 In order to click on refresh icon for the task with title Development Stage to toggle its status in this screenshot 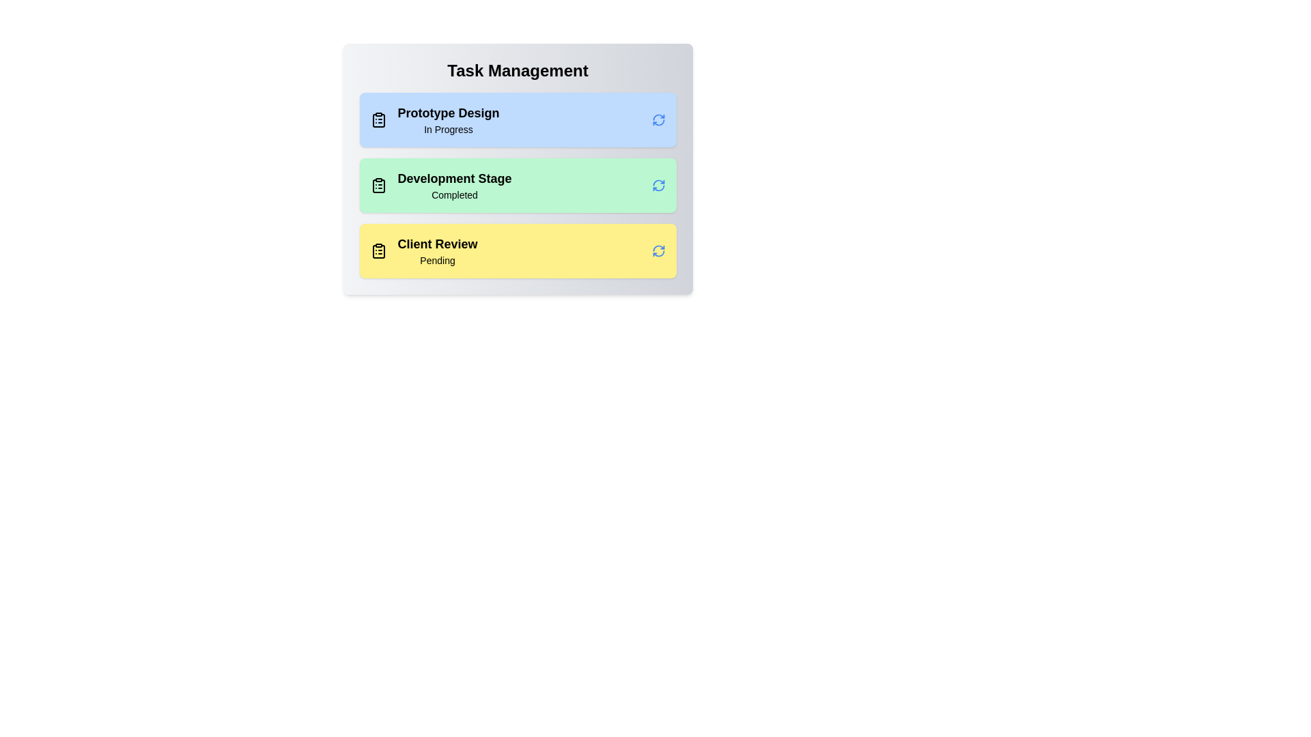, I will do `click(658, 186)`.